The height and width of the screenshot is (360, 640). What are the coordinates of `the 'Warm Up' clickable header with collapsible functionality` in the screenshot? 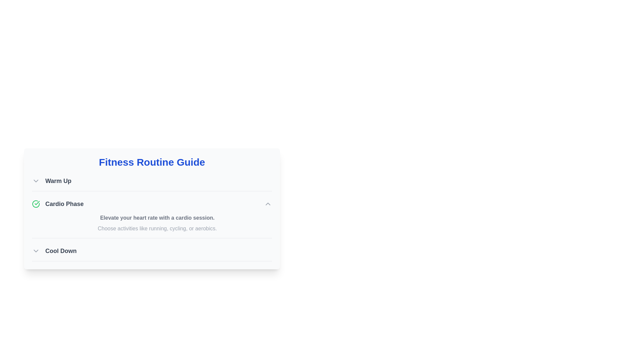 It's located at (51, 181).